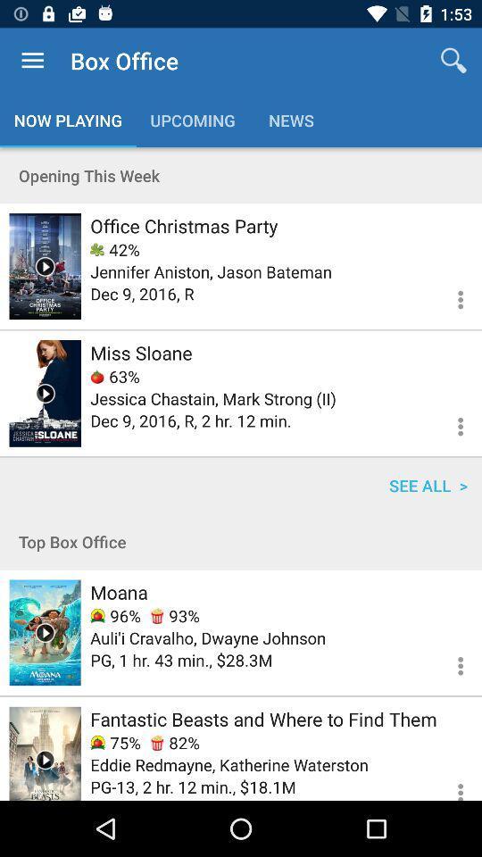 This screenshot has height=857, width=482. I want to click on trailer, so click(45, 265).